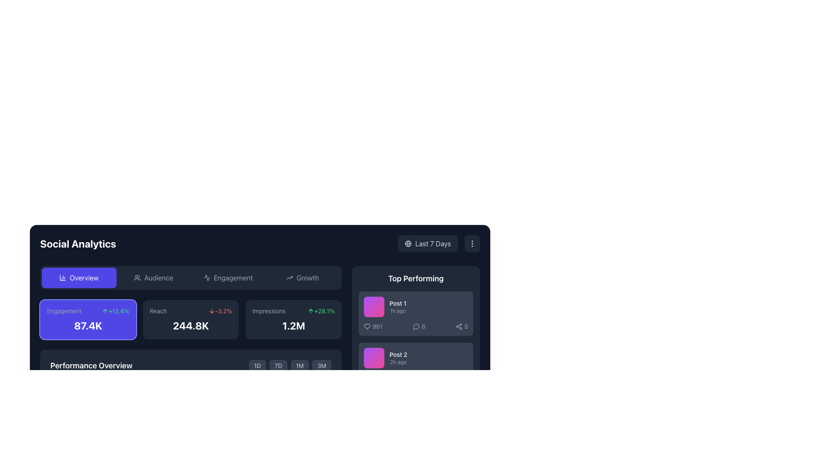  What do you see at coordinates (293, 326) in the screenshot?
I see `prominent text element displaying '1.2M' located at the bottom section of the 'Impressions' card` at bounding box center [293, 326].